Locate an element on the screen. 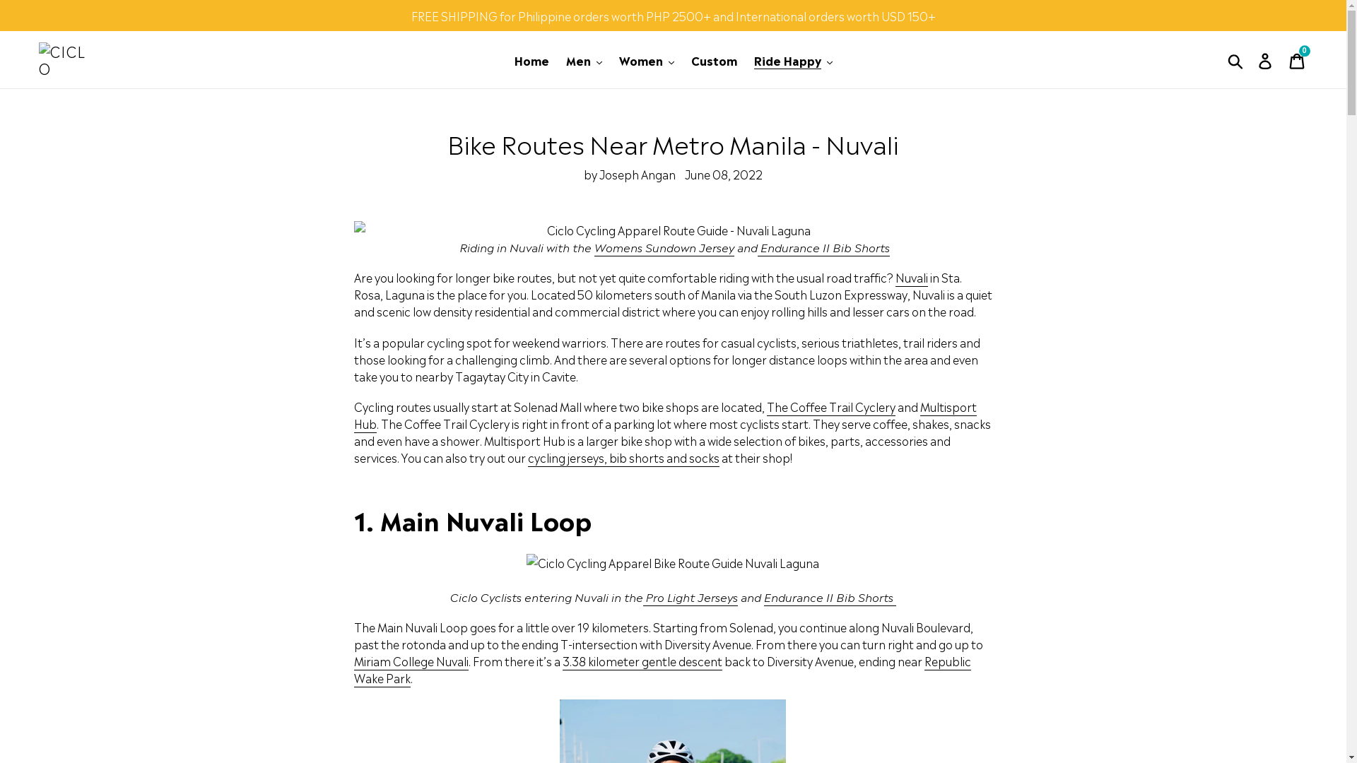 The width and height of the screenshot is (1357, 763). 'Home' is located at coordinates (507, 59).